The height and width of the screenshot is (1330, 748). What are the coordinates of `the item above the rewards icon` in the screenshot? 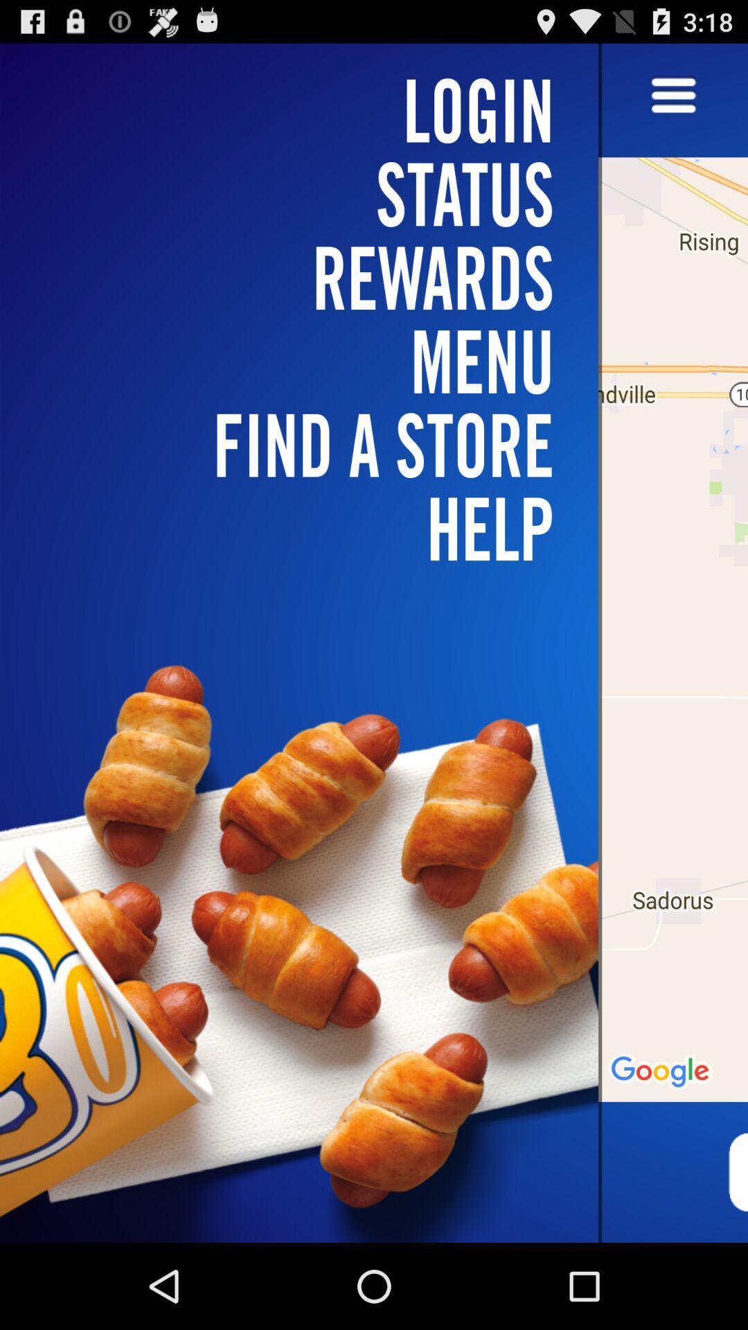 It's located at (307, 109).